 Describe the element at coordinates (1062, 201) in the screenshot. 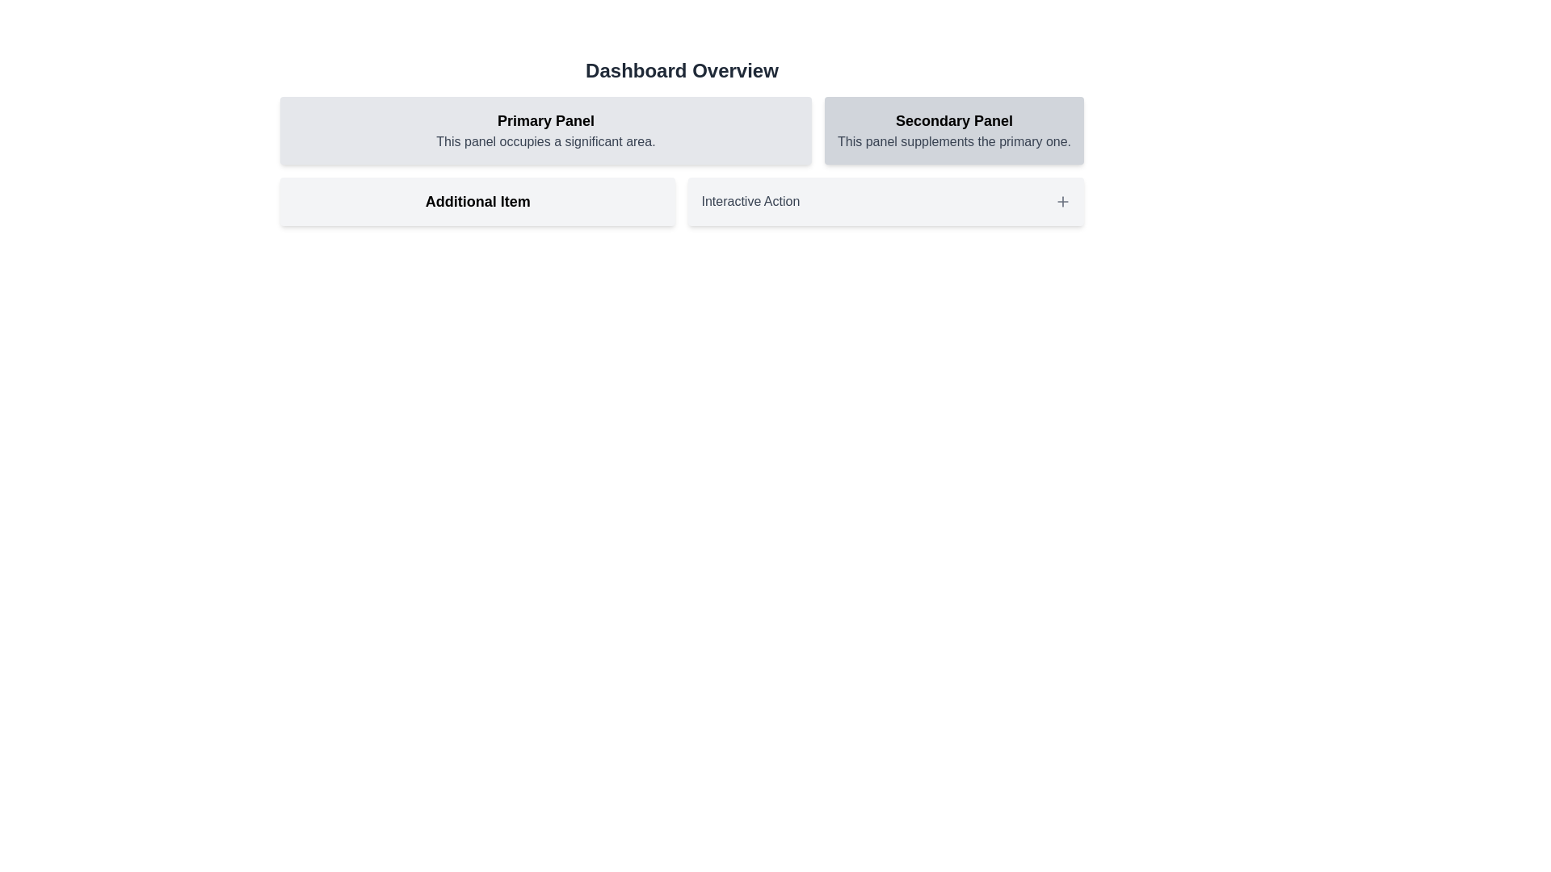

I see `the plus sign icon located at the far-right side of the 'Interactive Action' box` at that location.